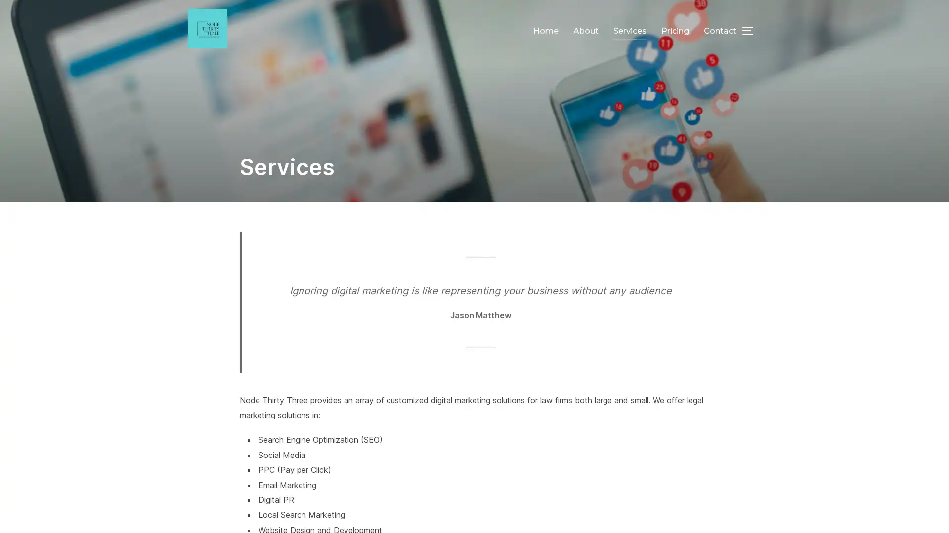 This screenshot has width=949, height=533. What do you see at coordinates (751, 30) in the screenshot?
I see `TOGGLE SIDEBAR & NAVIGATION` at bounding box center [751, 30].